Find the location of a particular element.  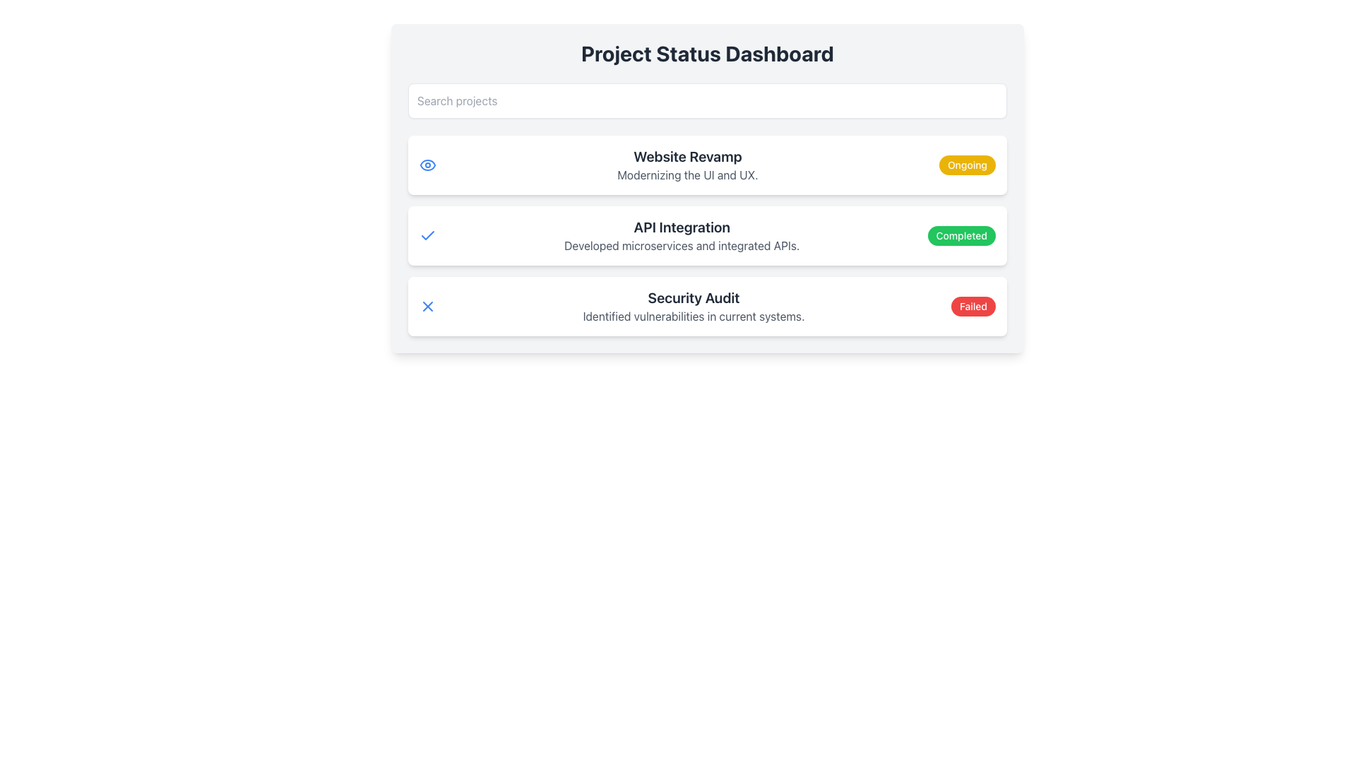

the blue checkmark icon indicating a completed status for 'API Integration' located to the left of the corresponding text is located at coordinates (427, 235).